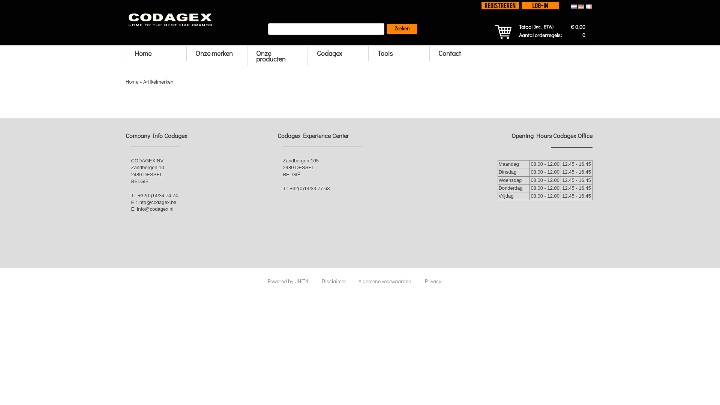 The image size is (720, 405). What do you see at coordinates (157, 202) in the screenshot?
I see `'info@codagex.be'` at bounding box center [157, 202].